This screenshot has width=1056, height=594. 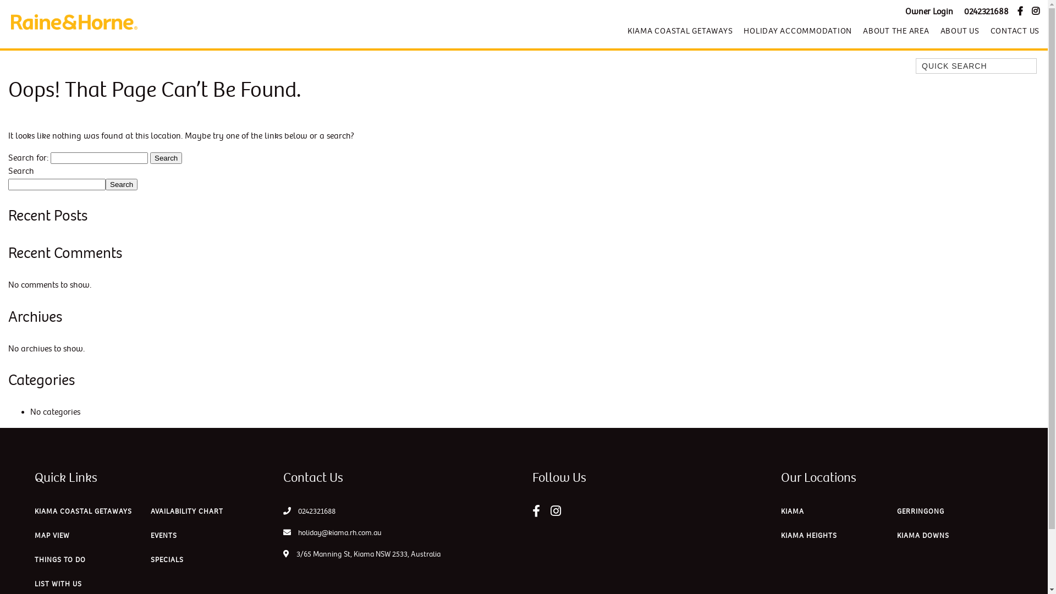 I want to click on 'holiday@kiama.rh.com.au', so click(x=332, y=532).